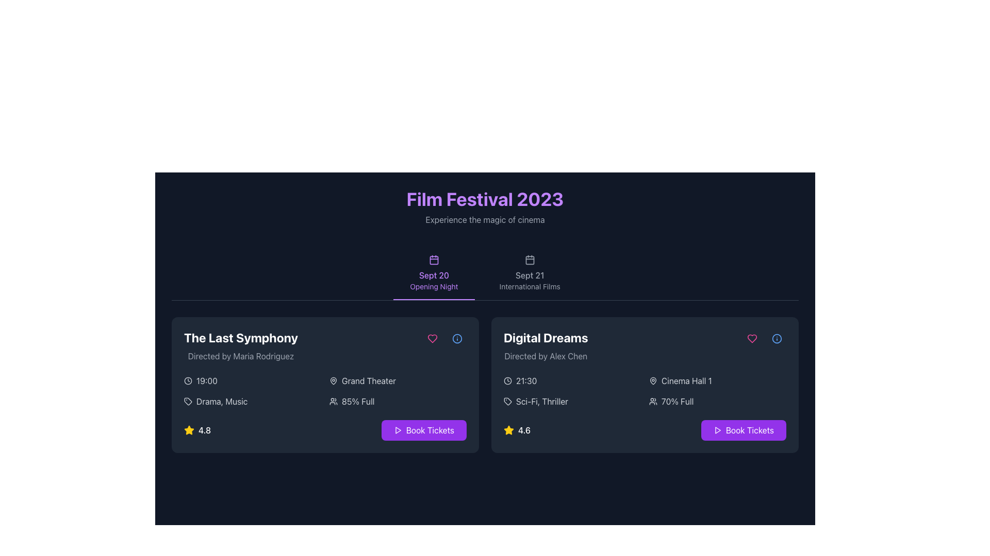 The width and height of the screenshot is (990, 556). I want to click on the minimalist purple-accented calendar icon located above the text 'Sept 20' and 'Opening Night' in the section for 'Film Festival 2023', so click(434, 259).